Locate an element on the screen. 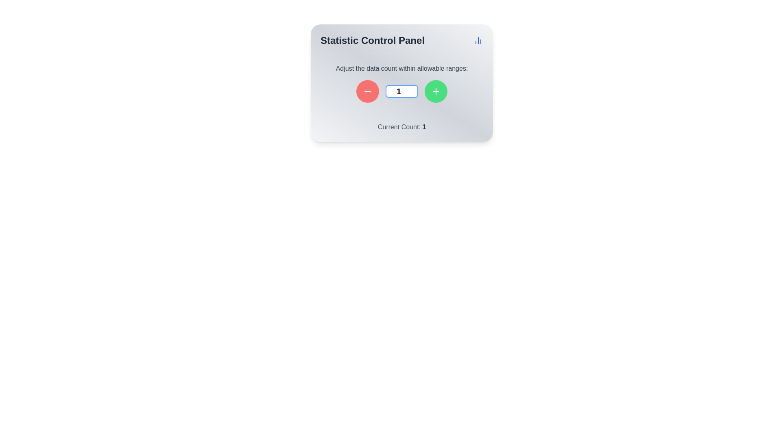 The width and height of the screenshot is (781, 439). the green circular button containing the plus icon, which is positioned to the right of the numeric input field labeled '1' and the minus icon within the 'Statistic Control Panel' is located at coordinates (435, 91).